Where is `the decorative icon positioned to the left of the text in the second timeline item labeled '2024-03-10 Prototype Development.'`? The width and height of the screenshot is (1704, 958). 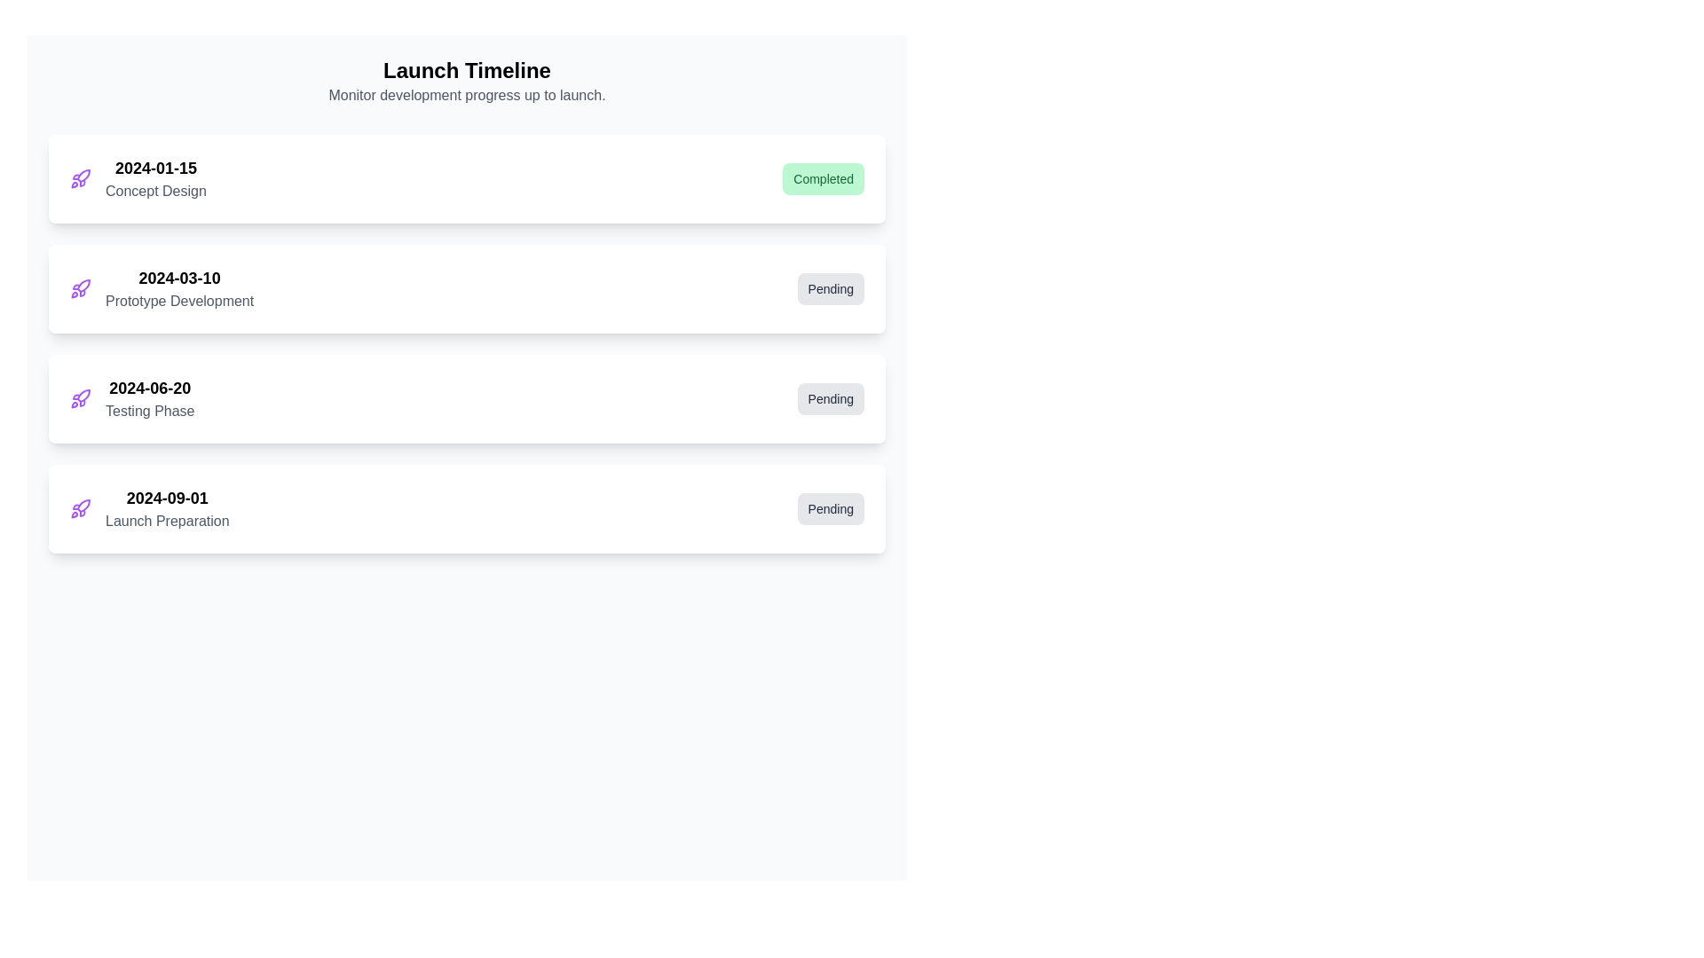
the decorative icon positioned to the left of the text in the second timeline item labeled '2024-03-10 Prototype Development.' is located at coordinates (80, 288).